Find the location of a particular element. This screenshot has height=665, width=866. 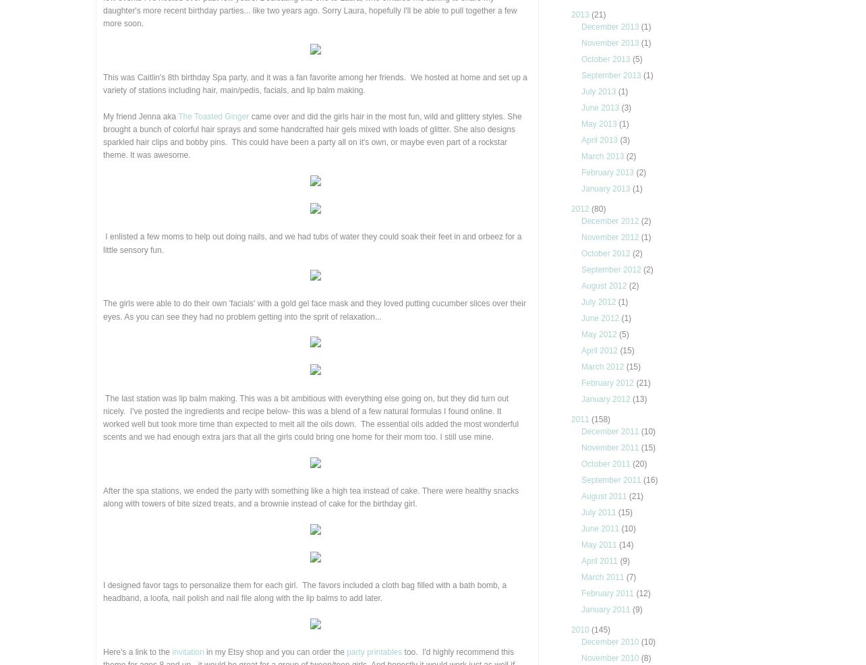

'came over and did the girls hair in the most fun, wild and glittery styles. She brought a bunch of colorful hair sprays and some handcrafted hair gels mixed with loads of glitter. She also designs sparkled hair clips and bobby pins.  This could have been a party all on it's own, or maybe even part of a rockstar theme. It was awesome.' is located at coordinates (312, 135).